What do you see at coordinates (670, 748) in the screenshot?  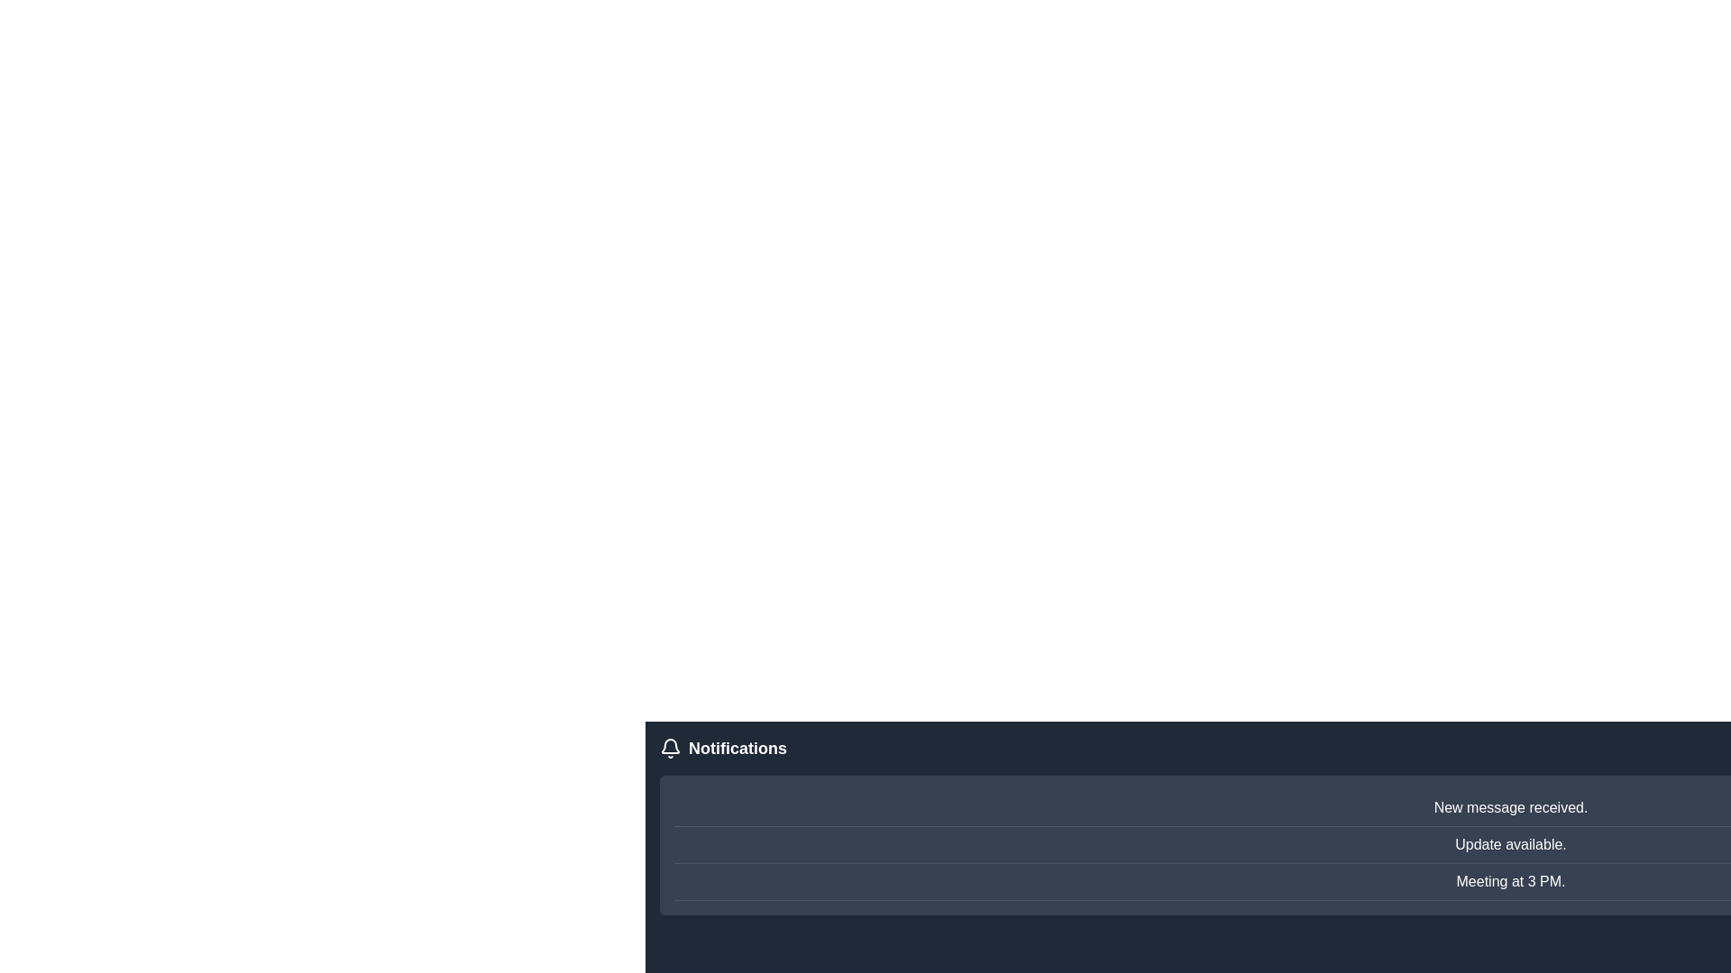 I see `the bell icon used for notifications` at bounding box center [670, 748].